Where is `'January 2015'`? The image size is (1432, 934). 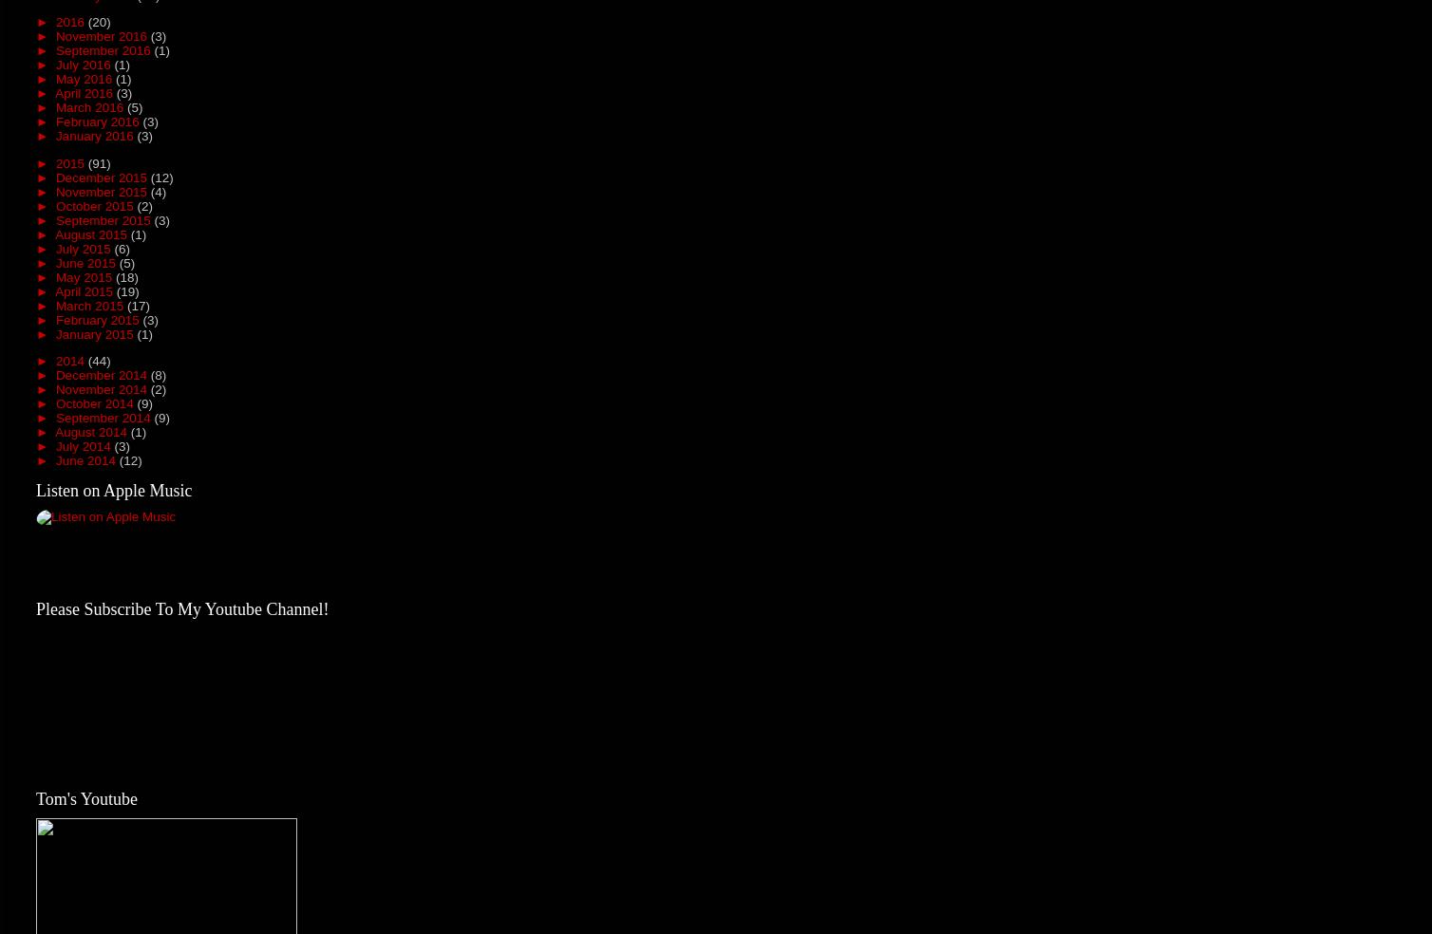
'January 2015' is located at coordinates (55, 332).